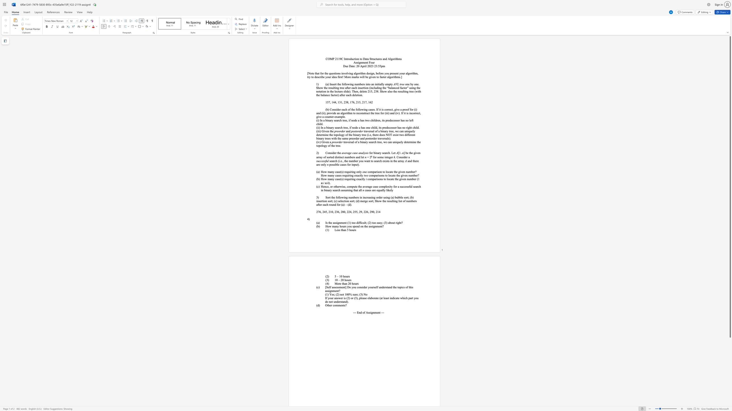 This screenshot has height=411, width=732. What do you see at coordinates (333, 171) in the screenshot?
I see `the 1th character "y" in the text` at bounding box center [333, 171].